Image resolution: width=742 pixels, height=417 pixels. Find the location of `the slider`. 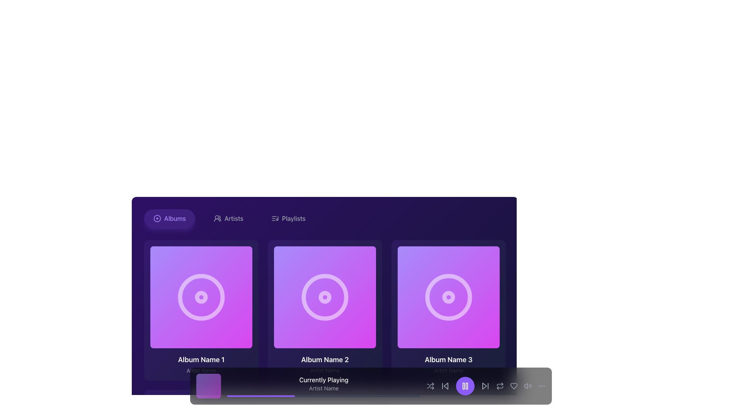

the slider is located at coordinates (401, 396).